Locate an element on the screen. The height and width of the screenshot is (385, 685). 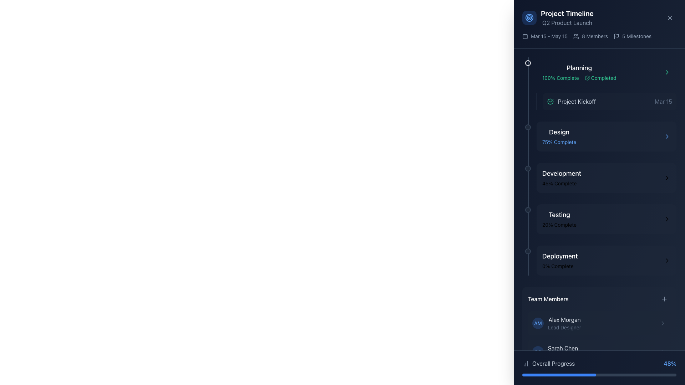
the text label displaying '45% Complete', which is part of the progress detail panel for the 'Development' section is located at coordinates (561, 183).